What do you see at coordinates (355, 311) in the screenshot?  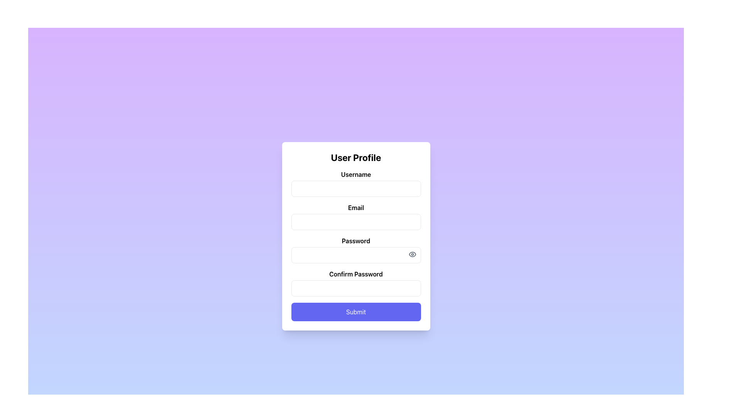 I see `the submit button located at the bottom of the 'User Profile' form` at bounding box center [355, 311].